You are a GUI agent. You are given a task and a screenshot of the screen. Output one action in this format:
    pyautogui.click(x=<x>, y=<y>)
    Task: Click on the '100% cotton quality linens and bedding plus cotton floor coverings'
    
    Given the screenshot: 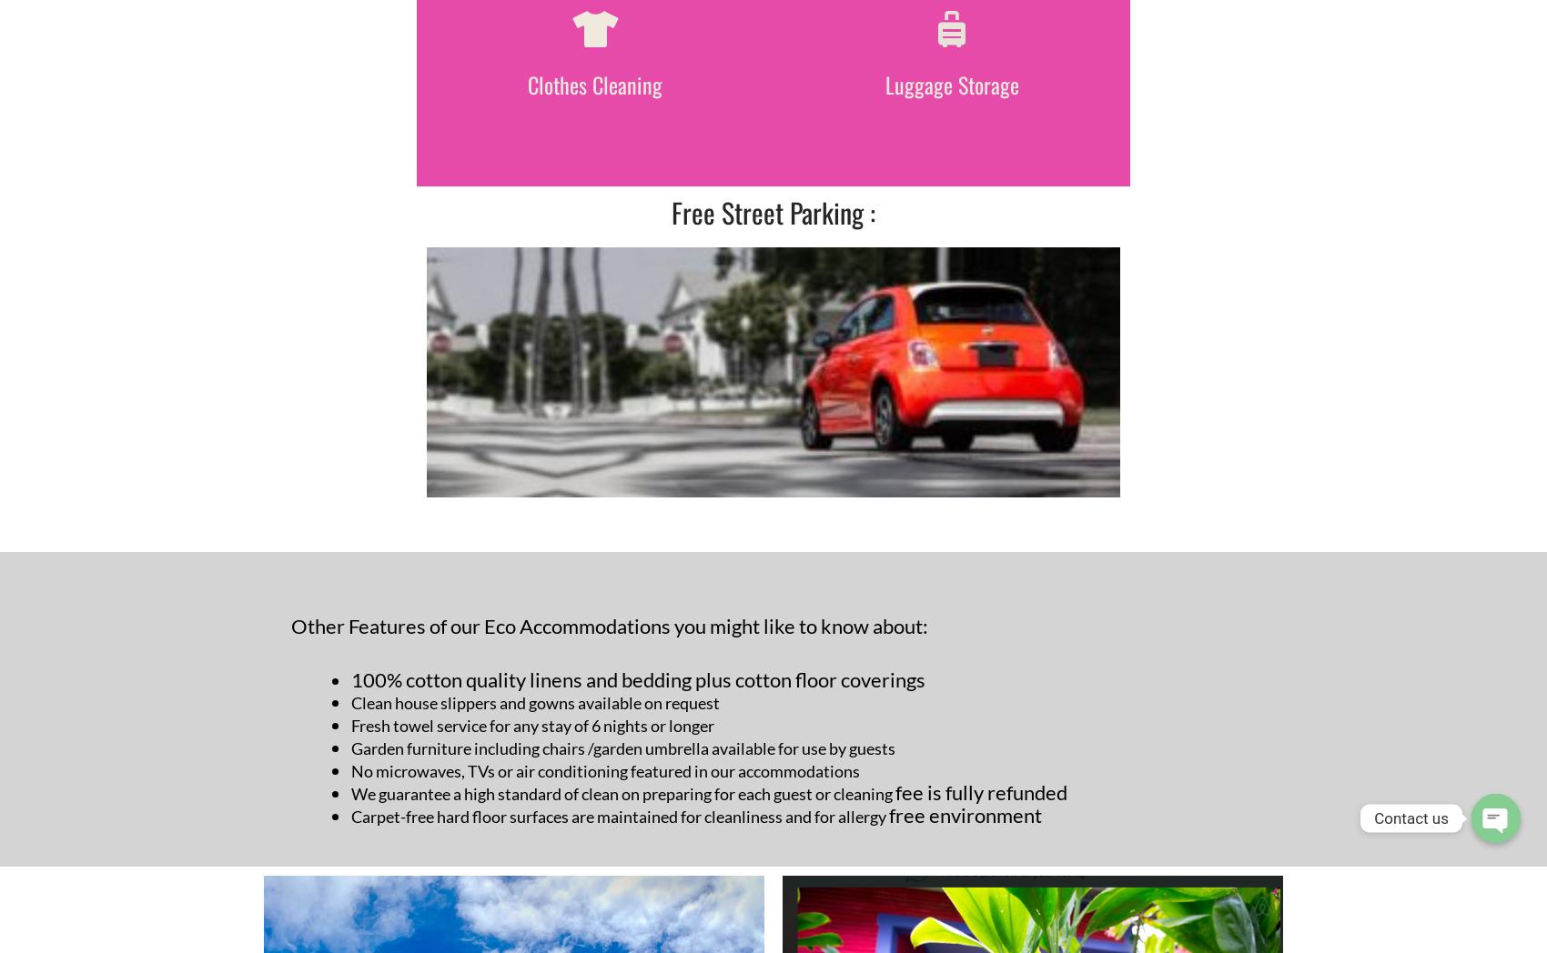 What is the action you would take?
    pyautogui.click(x=638, y=679)
    